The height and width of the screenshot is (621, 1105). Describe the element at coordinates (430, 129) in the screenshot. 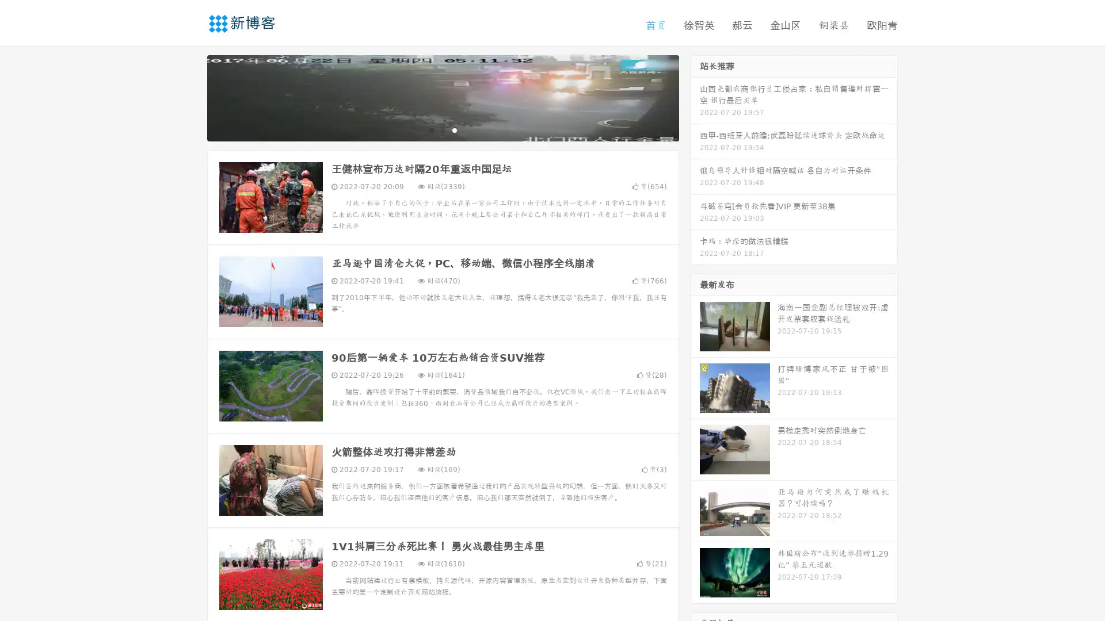

I see `Go to slide 1` at that location.